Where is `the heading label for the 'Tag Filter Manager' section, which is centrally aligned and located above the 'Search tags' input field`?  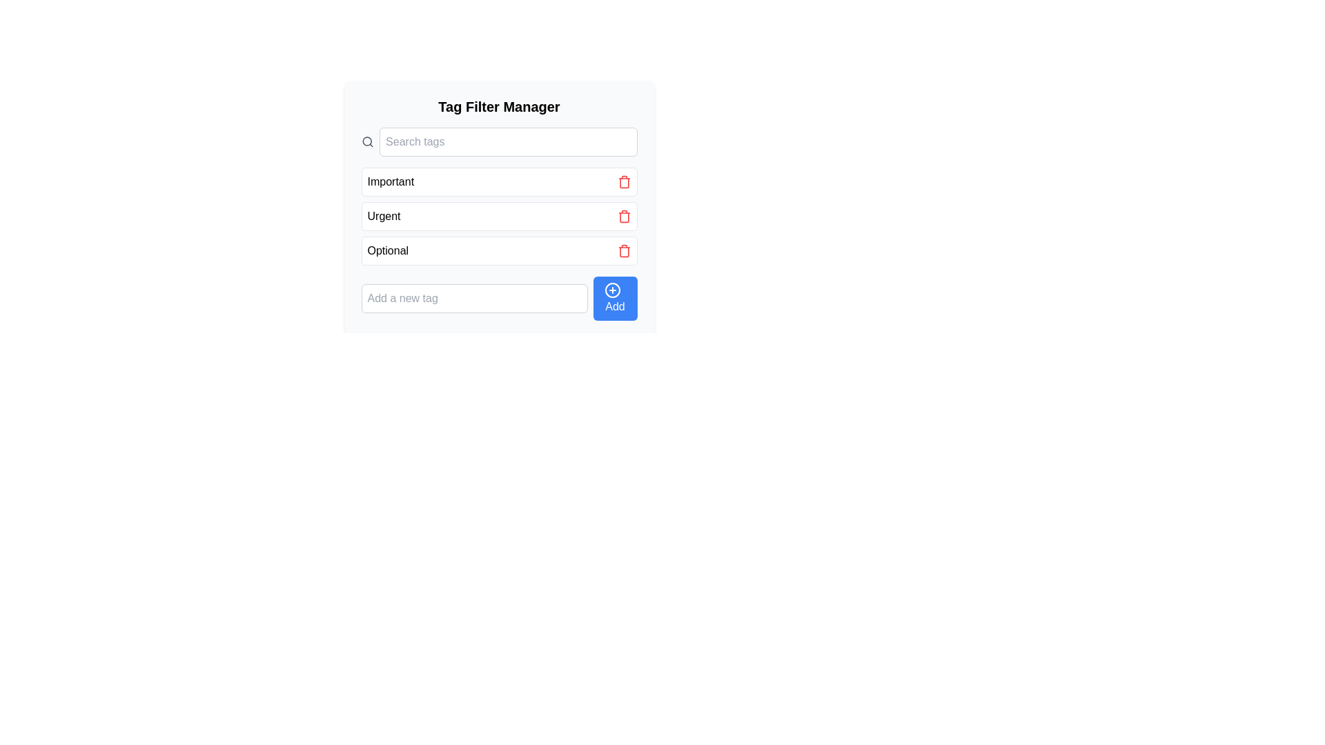
the heading label for the 'Tag Filter Manager' section, which is centrally aligned and located above the 'Search tags' input field is located at coordinates (498, 106).